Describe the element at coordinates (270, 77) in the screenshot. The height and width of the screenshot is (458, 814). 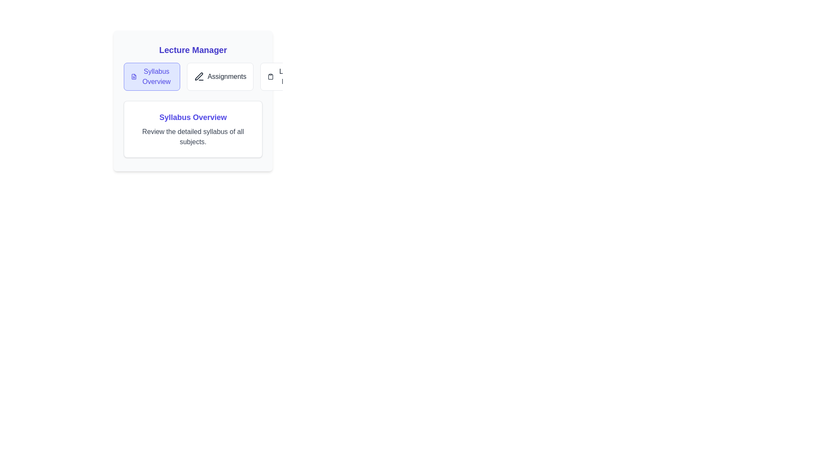
I see `the clipboard icon located on the right-hand side of the box containing 'Syllabus Overview' and 'Assignments', which serves as a visual cue for copying or referencing information` at that location.